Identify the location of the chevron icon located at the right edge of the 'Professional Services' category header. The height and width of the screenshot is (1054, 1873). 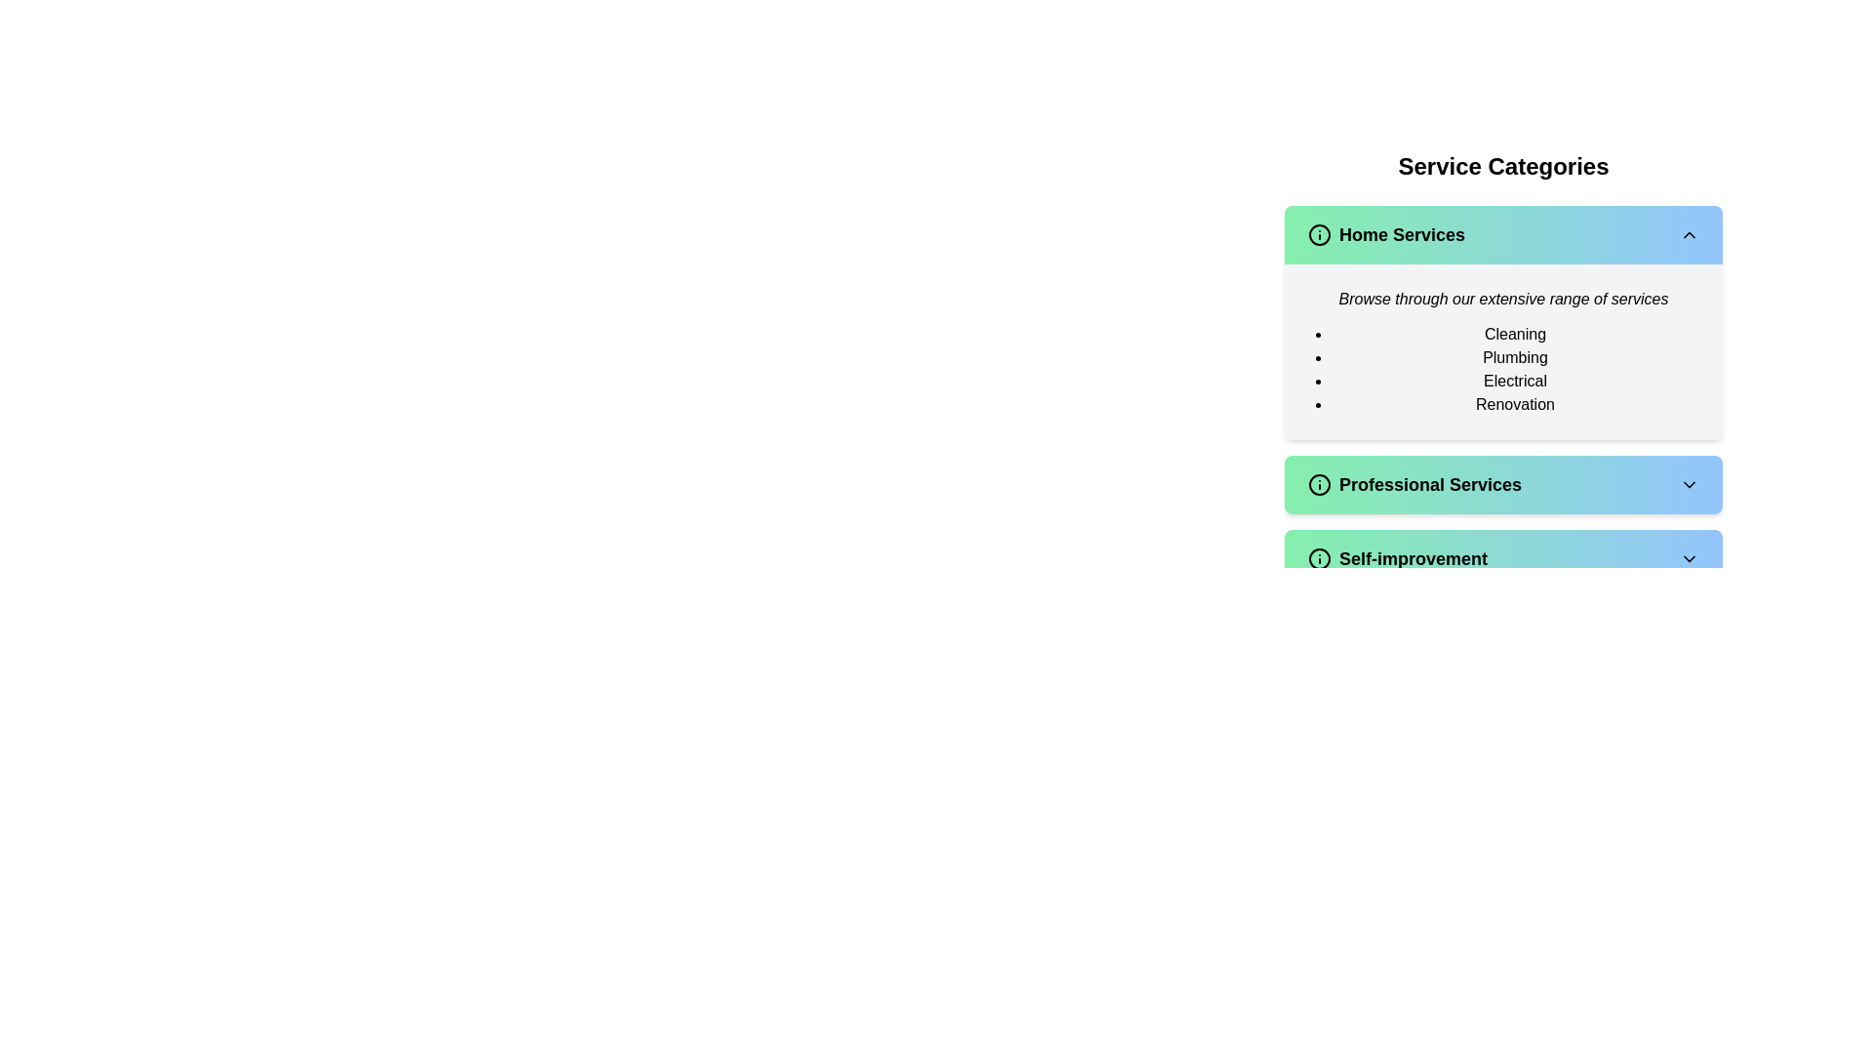
(1689, 484).